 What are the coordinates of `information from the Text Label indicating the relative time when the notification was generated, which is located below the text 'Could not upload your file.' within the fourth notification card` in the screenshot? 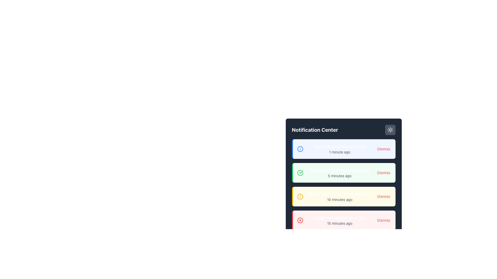 It's located at (340, 223).